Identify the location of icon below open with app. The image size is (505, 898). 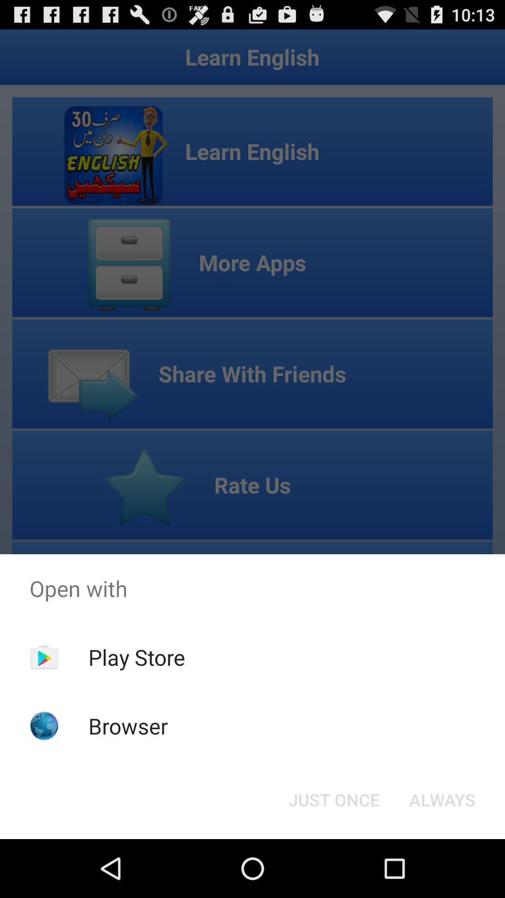
(333, 799).